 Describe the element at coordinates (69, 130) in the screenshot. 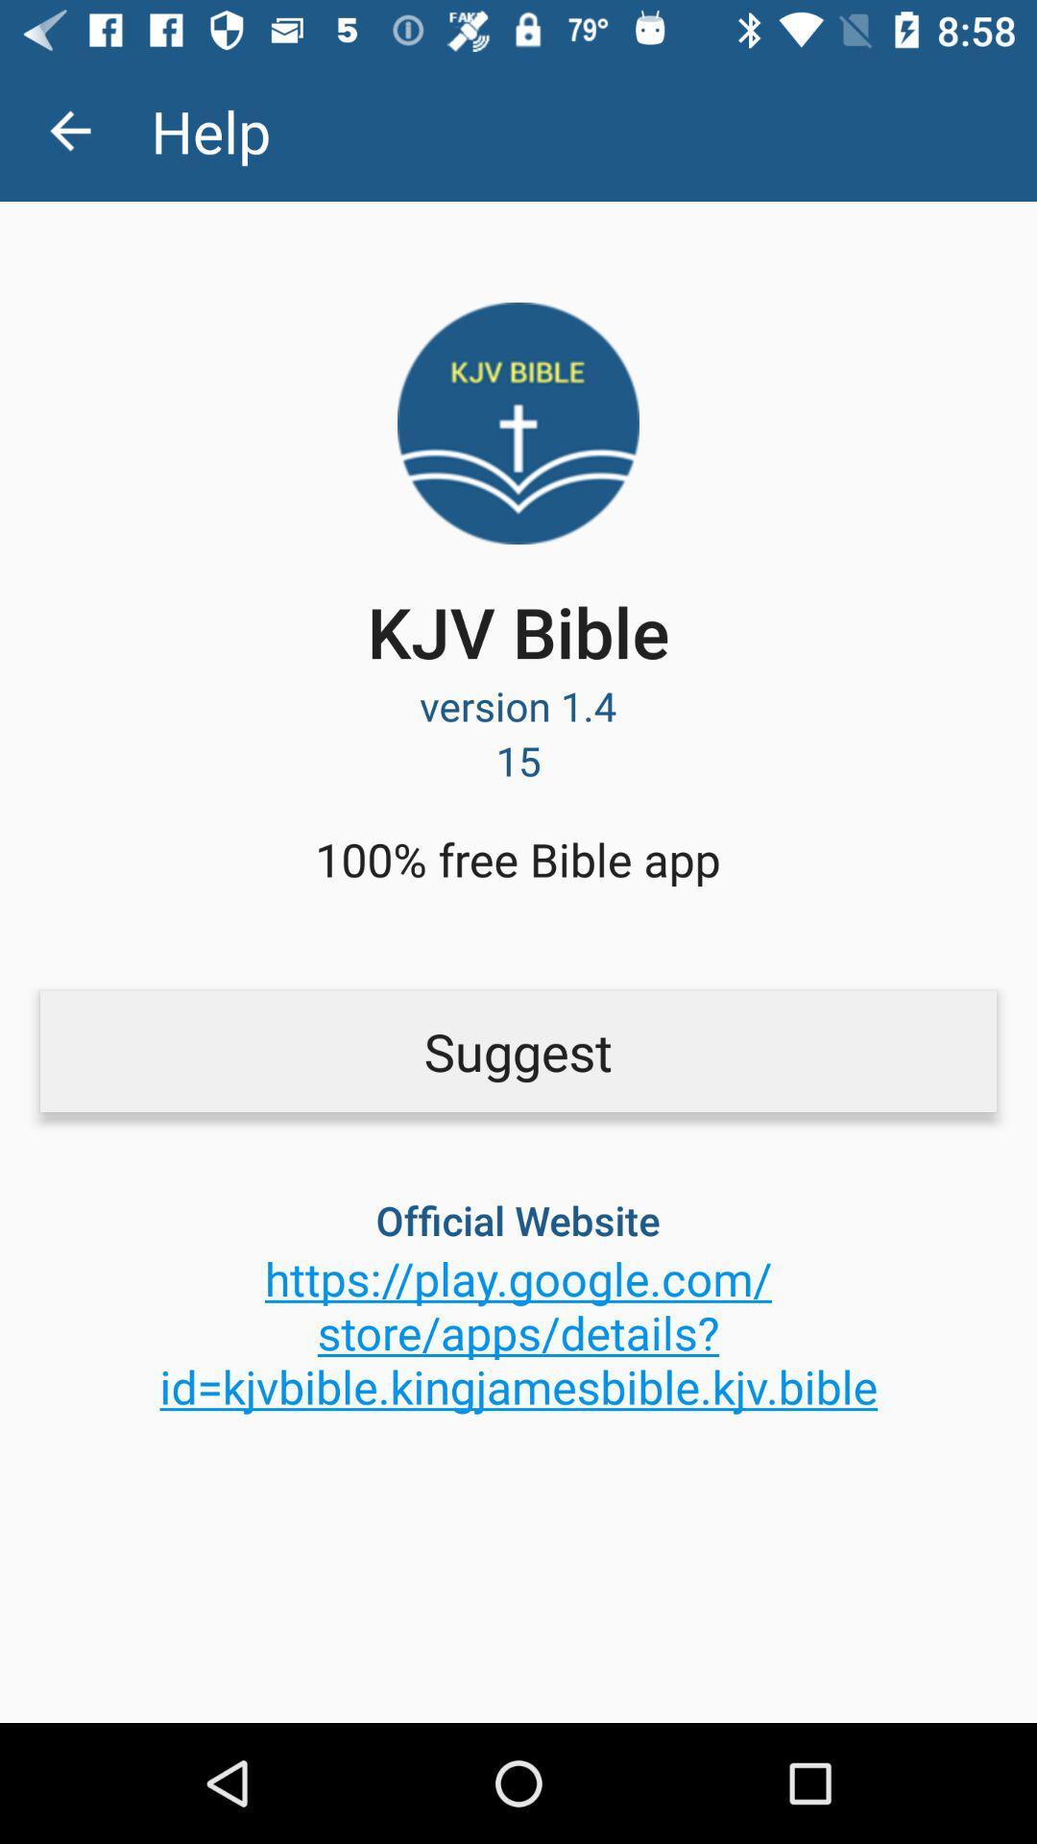

I see `icon to the left of help item` at that location.